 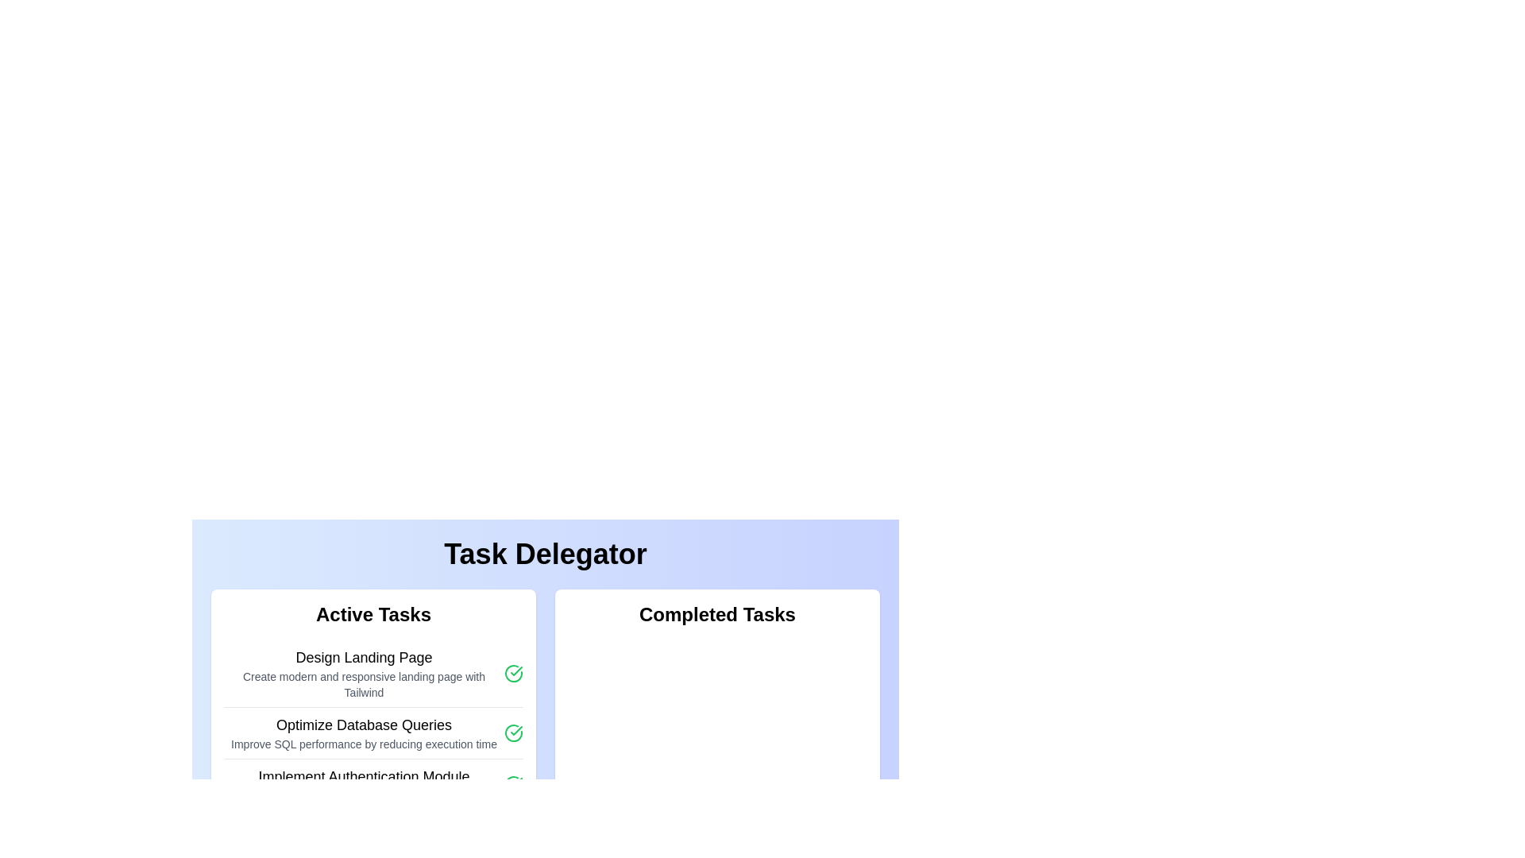 I want to click on the second Text element below the 'Optimize Database Queries' heading in the 'Active Tasks' section, so click(x=363, y=744).